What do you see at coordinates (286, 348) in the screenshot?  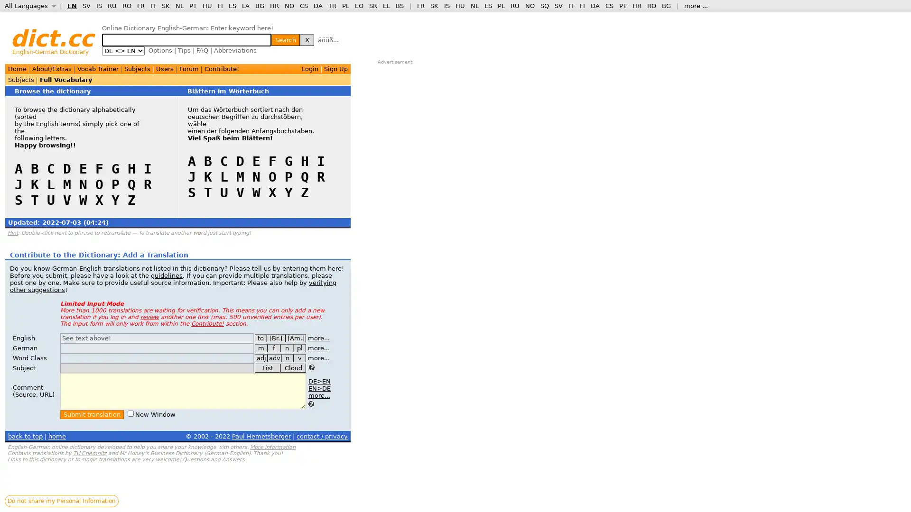 I see `n` at bounding box center [286, 348].